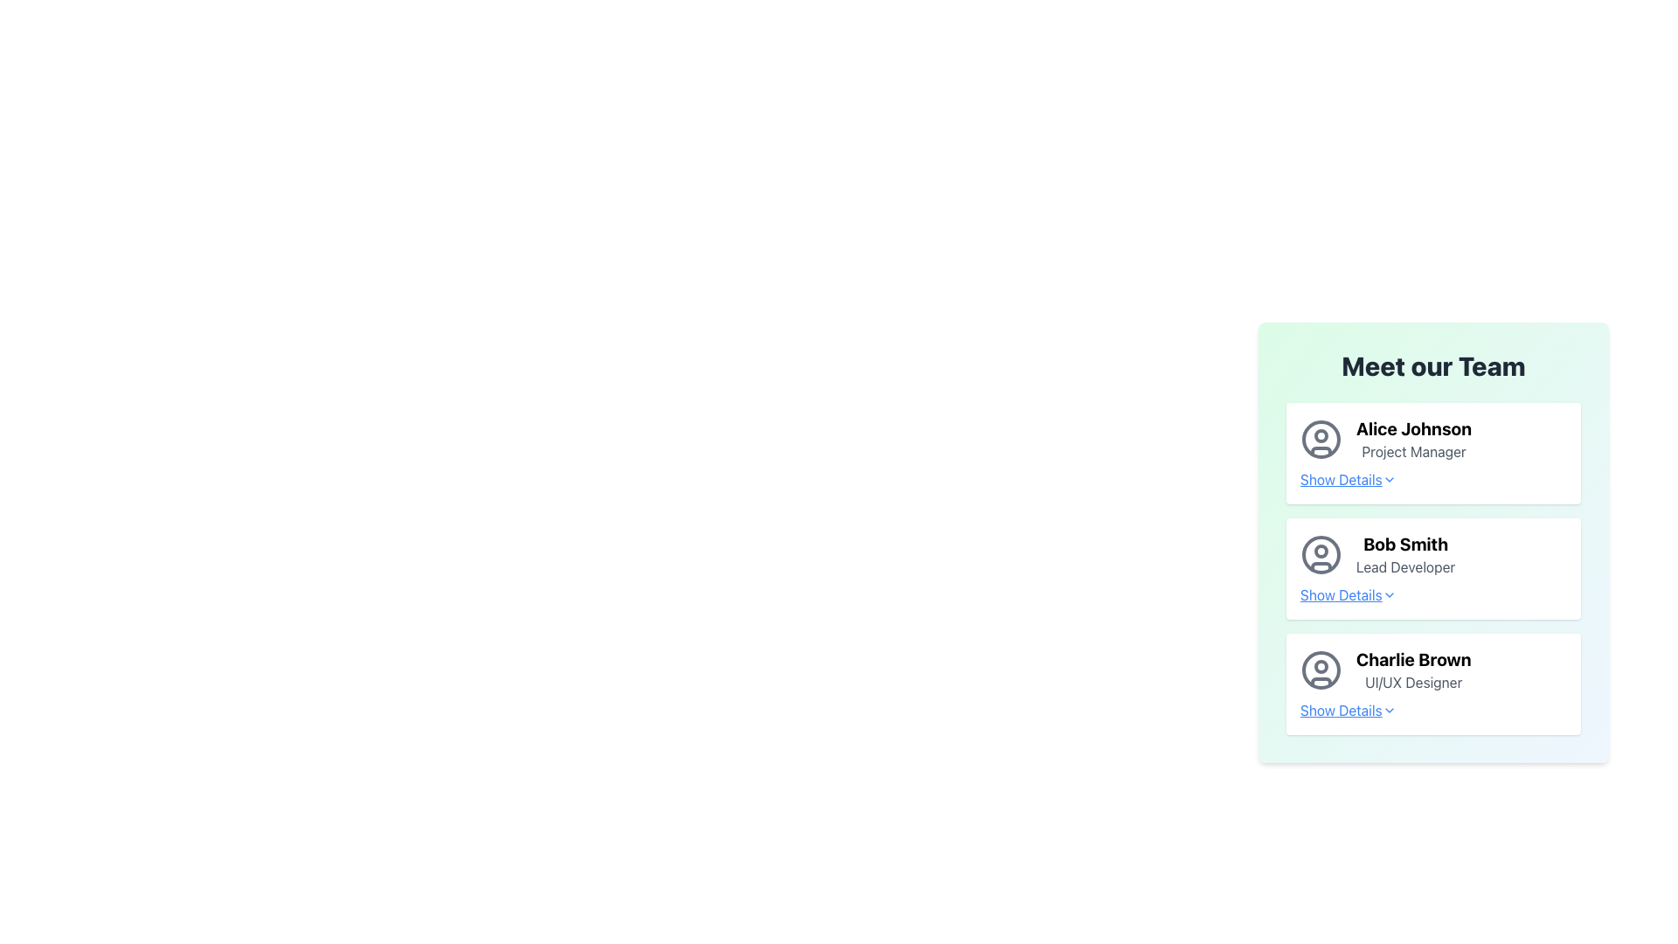 Image resolution: width=1678 pixels, height=944 pixels. What do you see at coordinates (1347, 711) in the screenshot?
I see `the 'Show Details' button` at bounding box center [1347, 711].